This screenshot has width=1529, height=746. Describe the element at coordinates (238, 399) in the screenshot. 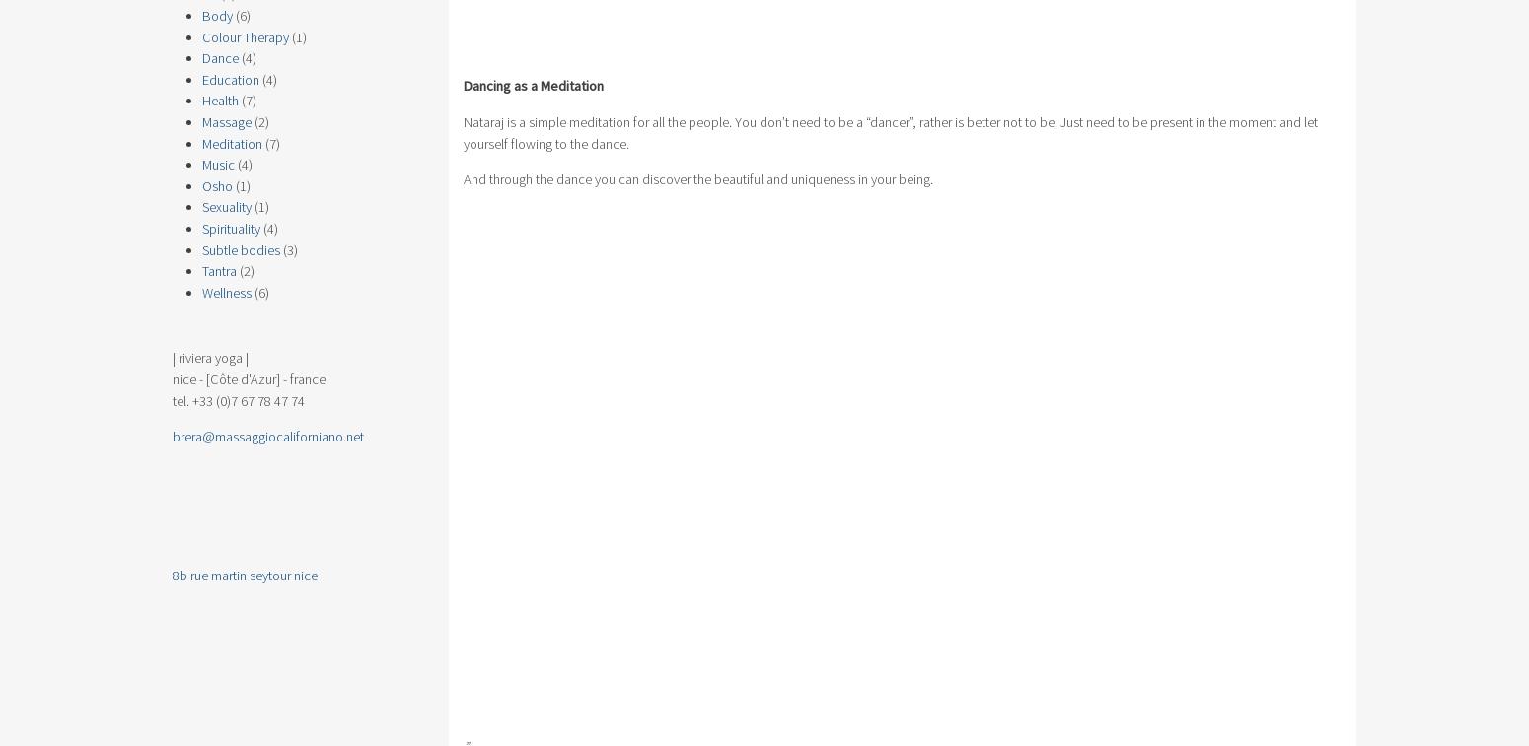

I see `'tel. +33 (0)7 67 78 47 74'` at that location.